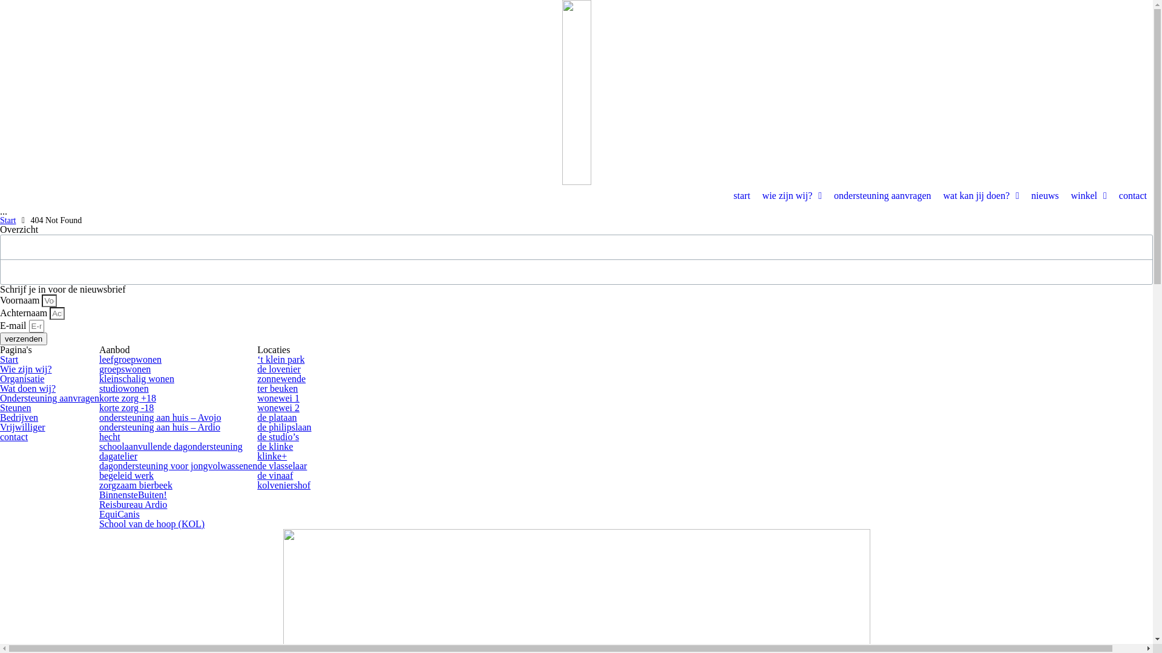 This screenshot has width=1162, height=653. Describe the element at coordinates (281, 378) in the screenshot. I see `'zonnewende'` at that location.